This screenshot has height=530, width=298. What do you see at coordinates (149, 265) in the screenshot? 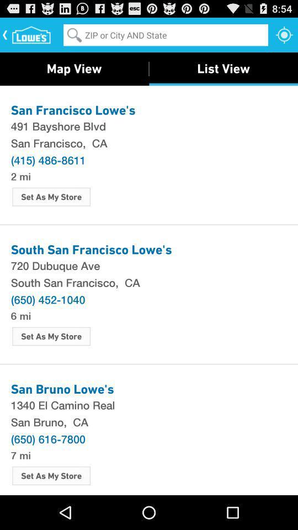
I see `the 720 dubuque ave item` at bounding box center [149, 265].